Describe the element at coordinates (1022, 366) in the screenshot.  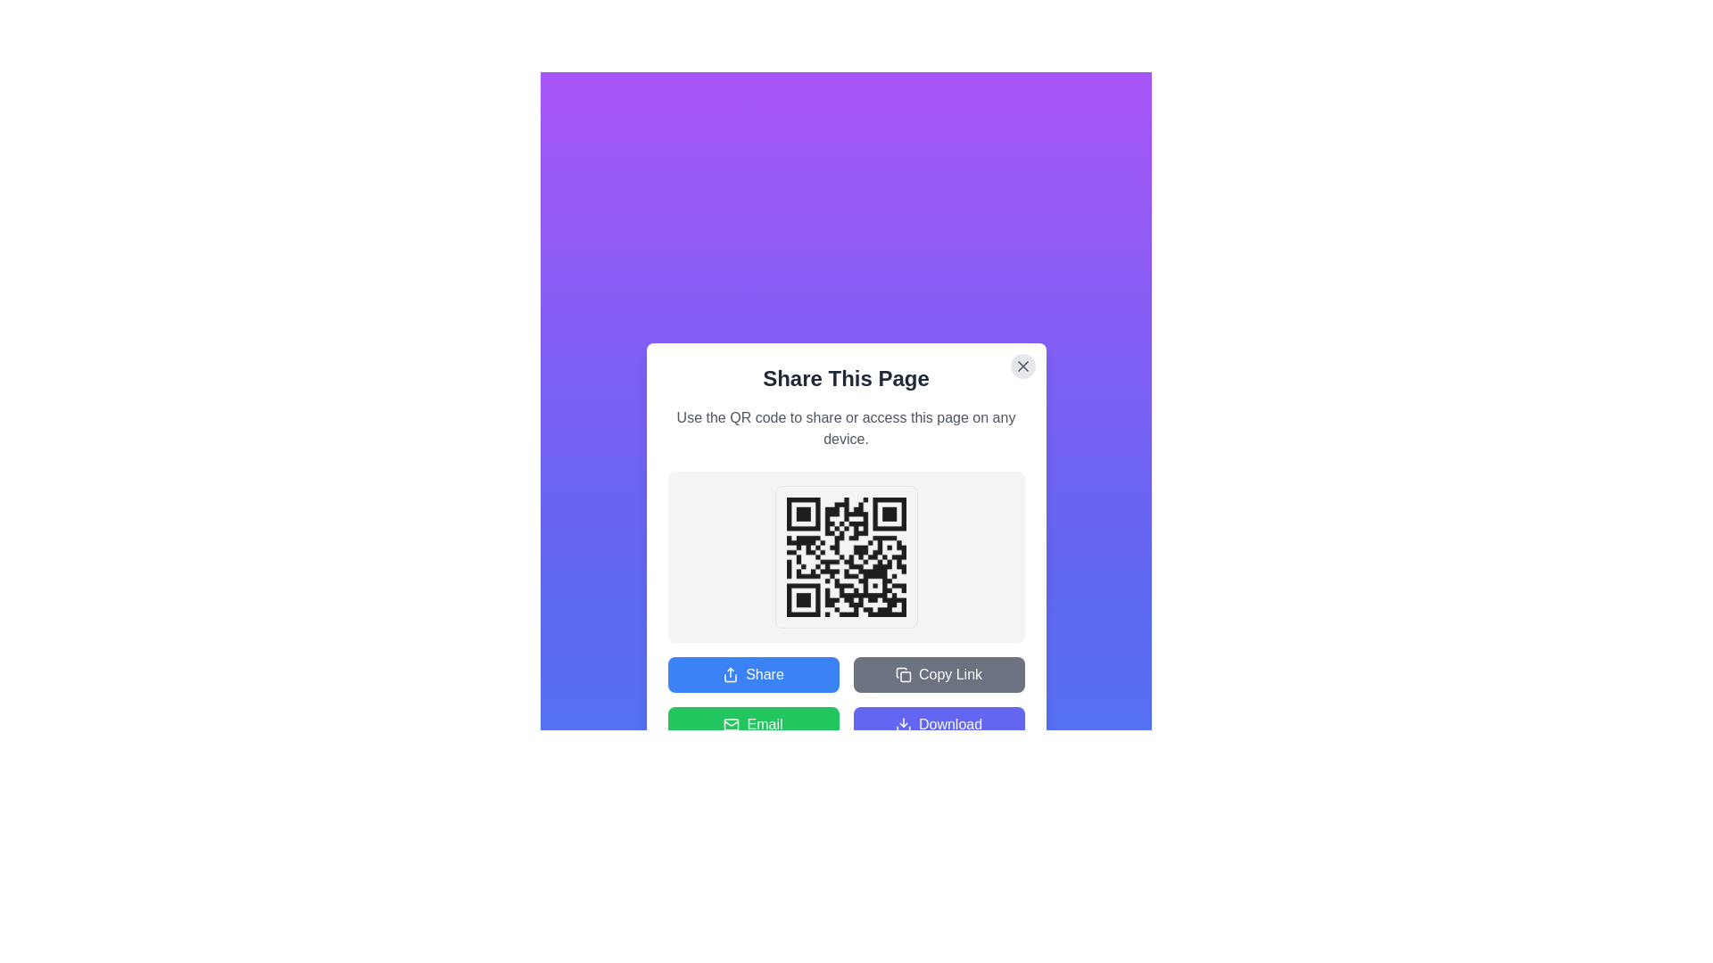
I see `the 'X' icon located in the top-right corner of the 'Share This Page' modal` at that location.